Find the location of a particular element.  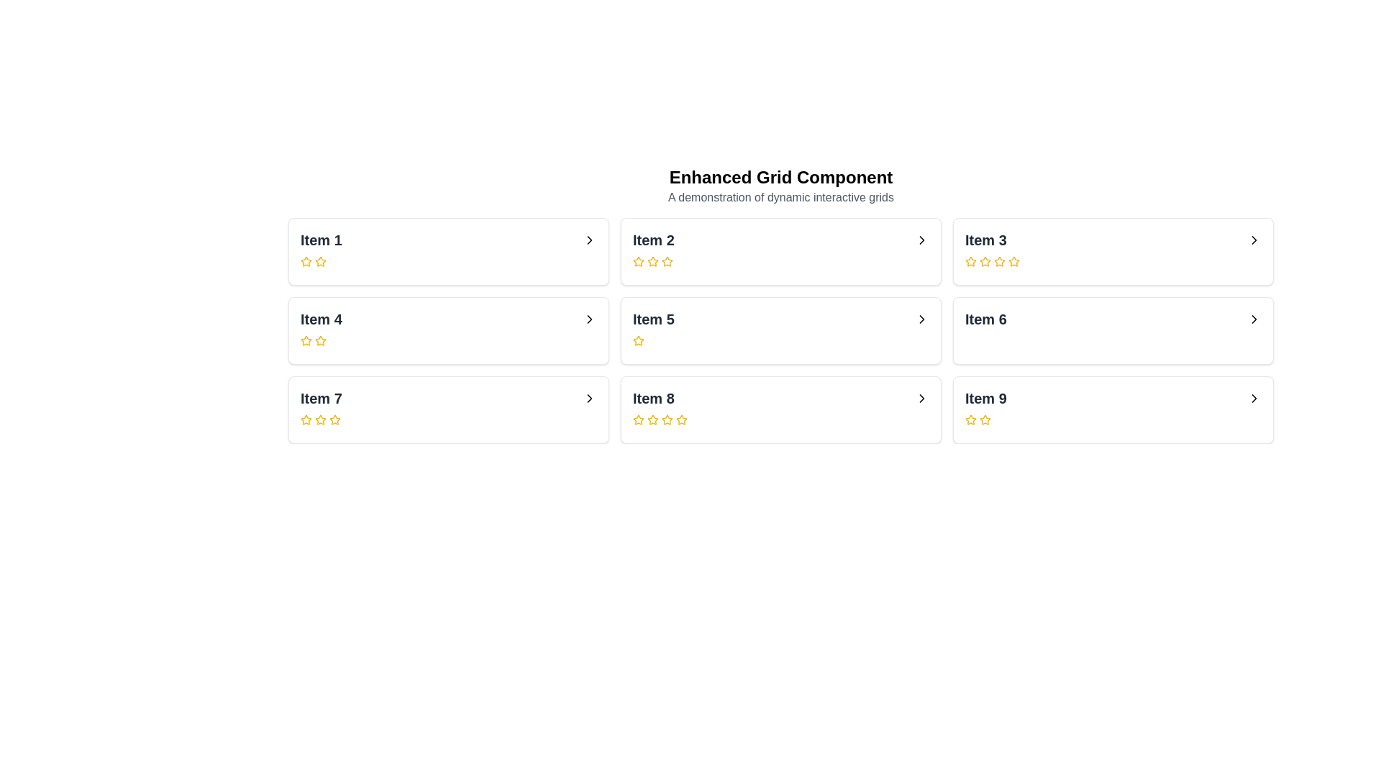

the second star rating icon located under the 'Item 7' label in the rating system to rate it is located at coordinates (320, 419).